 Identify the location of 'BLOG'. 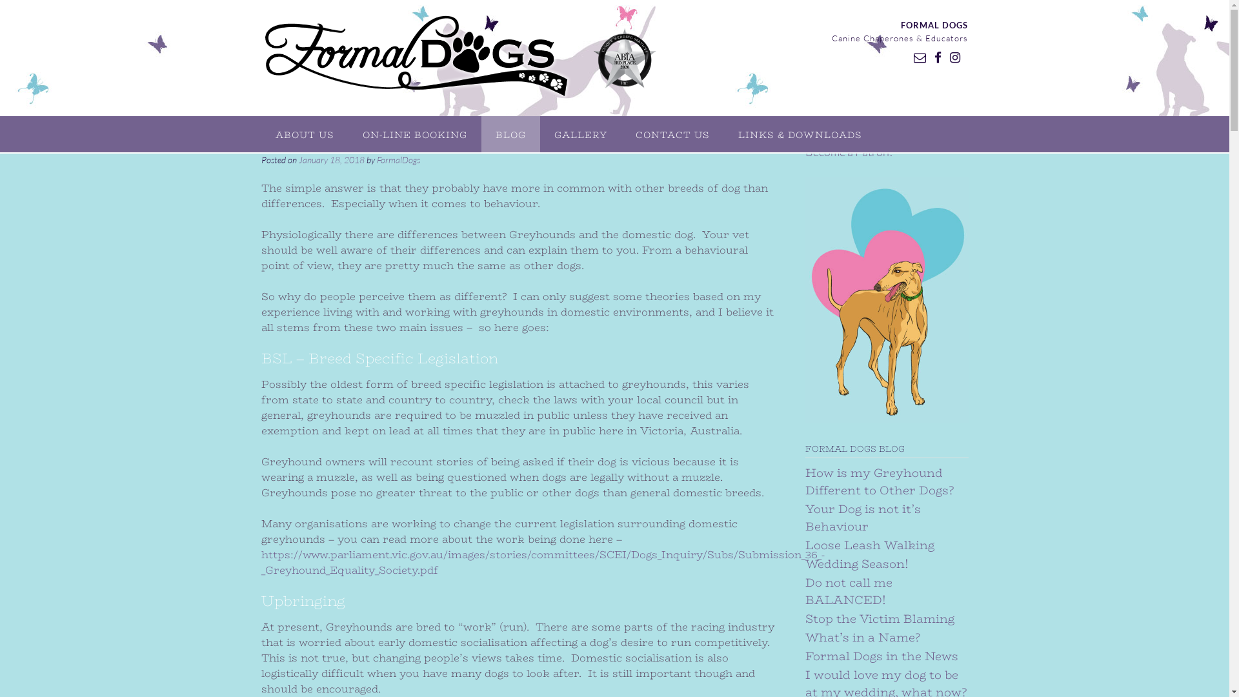
(510, 134).